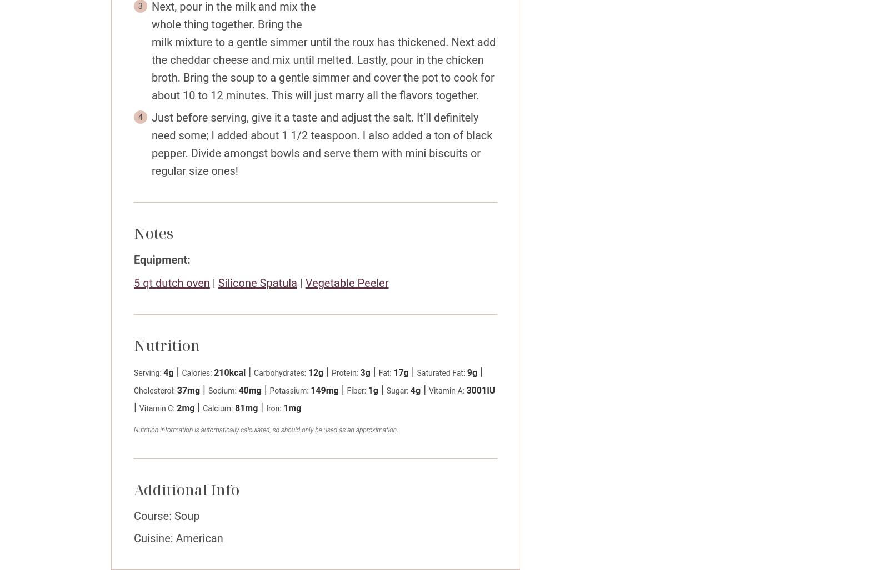 The height and width of the screenshot is (570, 889). What do you see at coordinates (153, 516) in the screenshot?
I see `'Course:'` at bounding box center [153, 516].